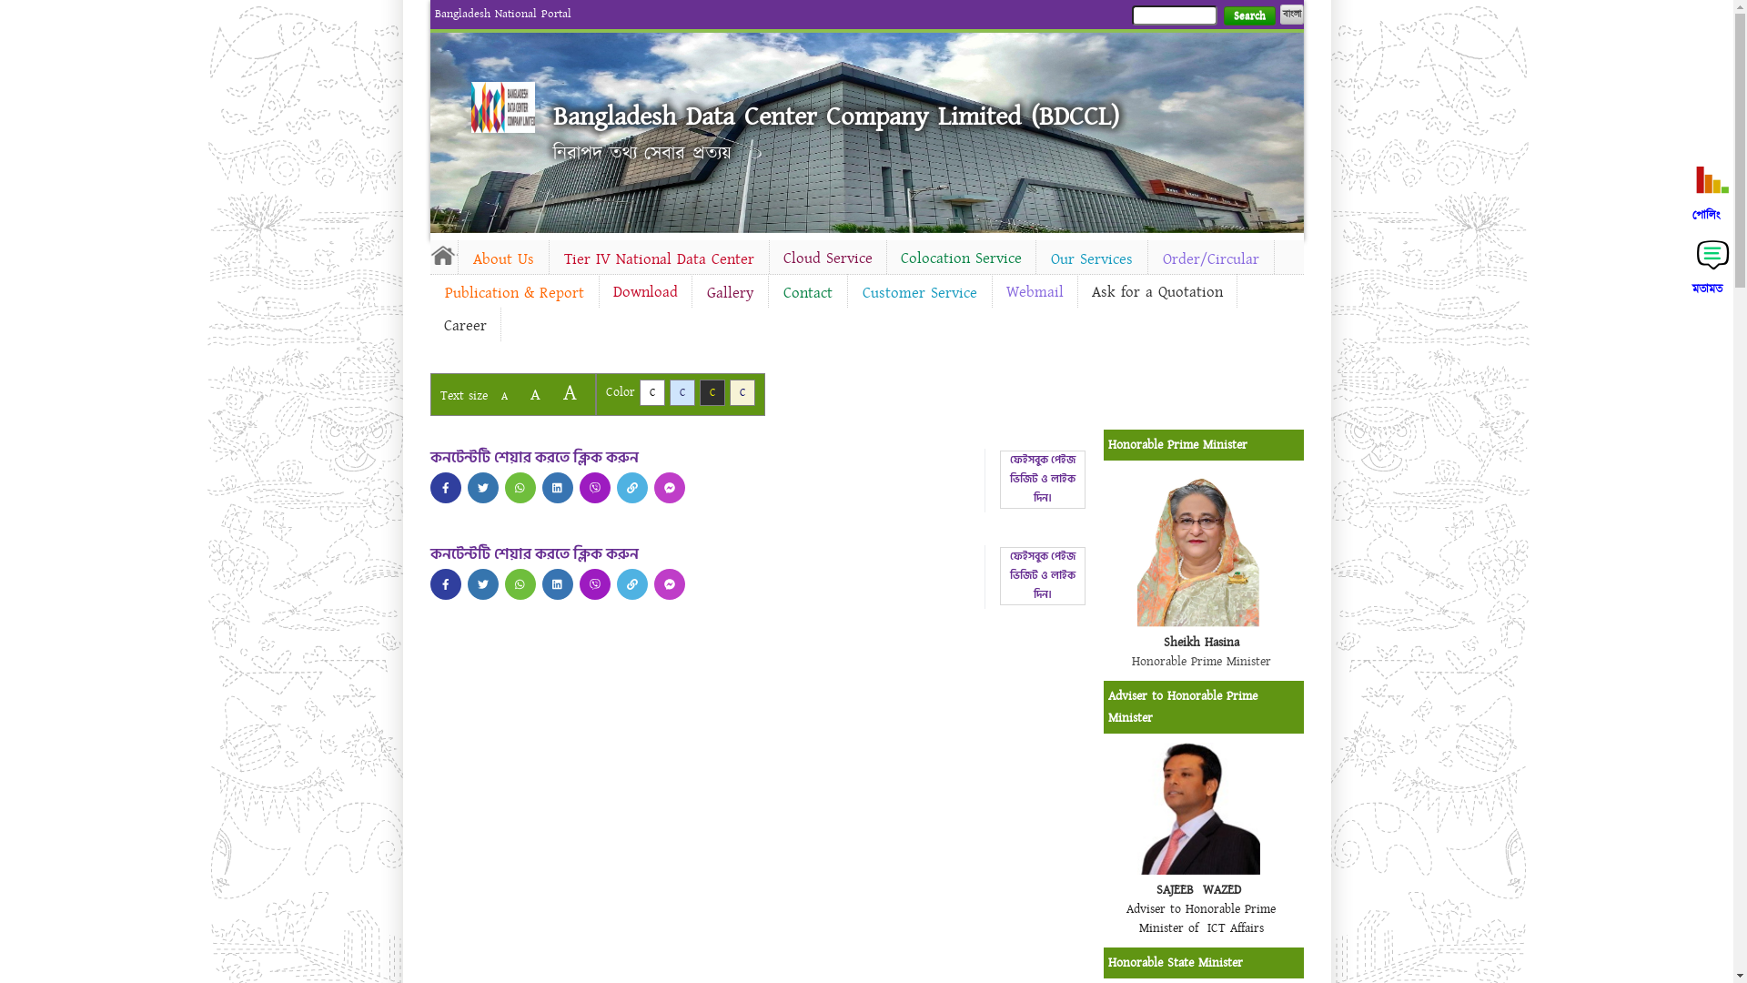  Describe the element at coordinates (920, 291) in the screenshot. I see `'Customer Service'` at that location.